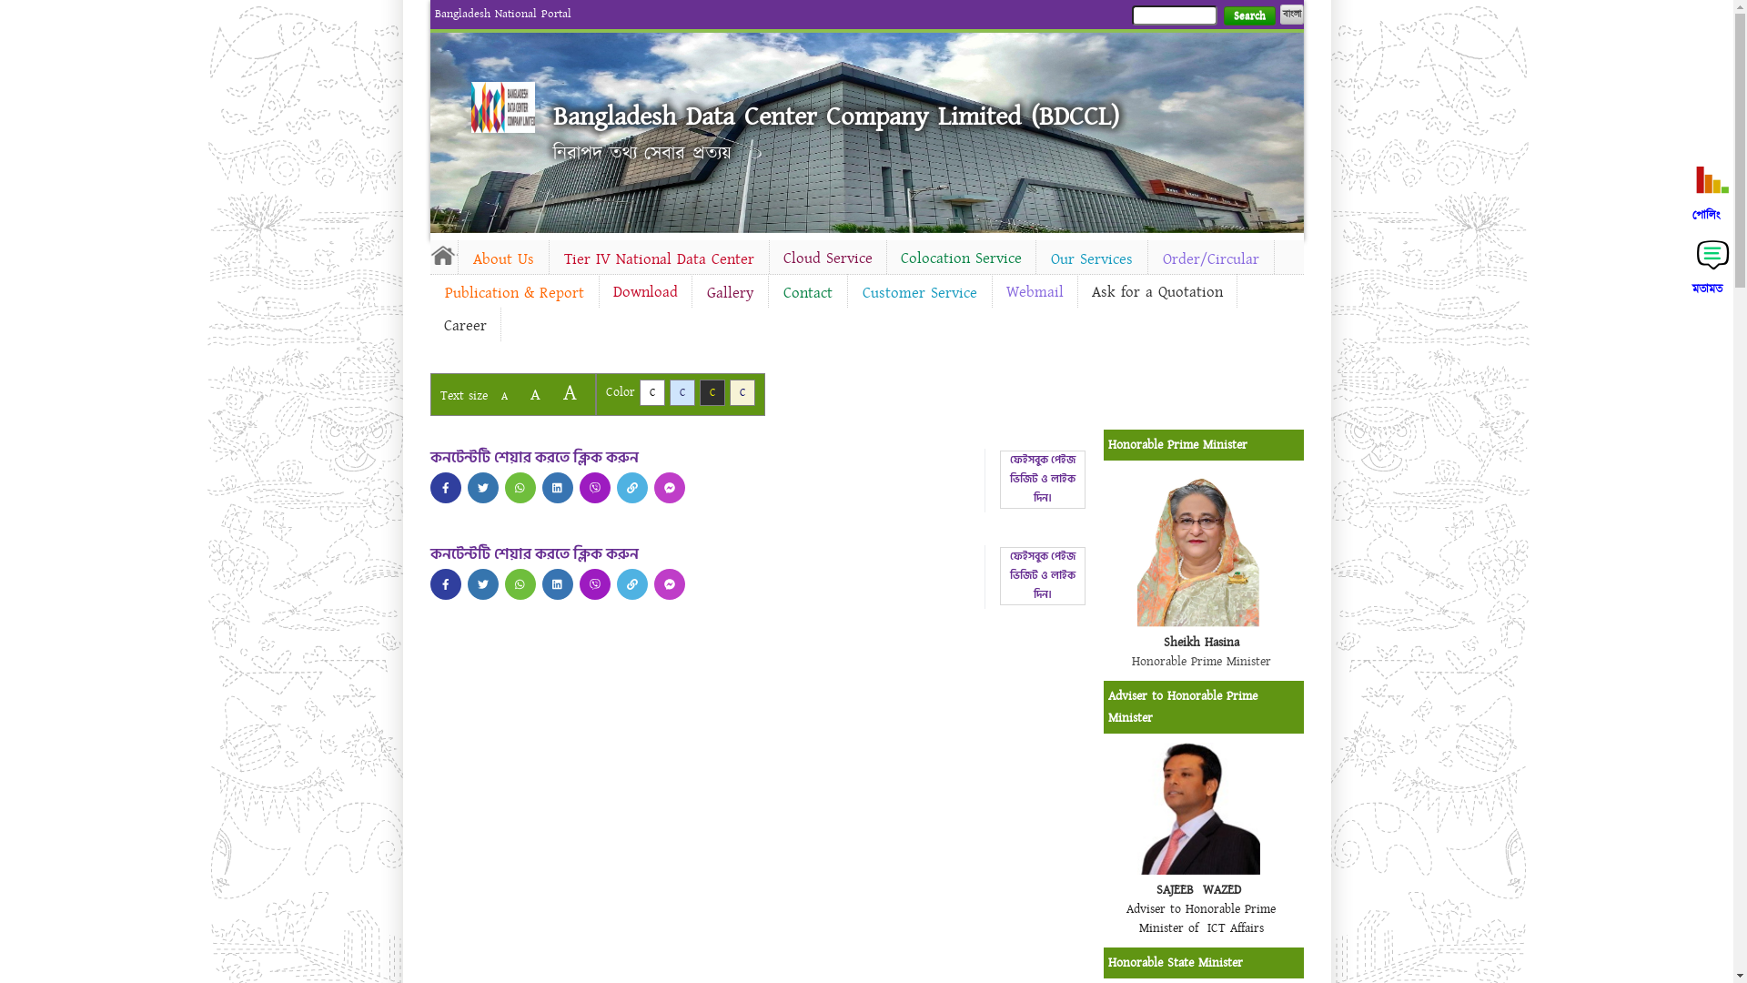  Describe the element at coordinates (920, 291) in the screenshot. I see `'Customer Service'` at that location.